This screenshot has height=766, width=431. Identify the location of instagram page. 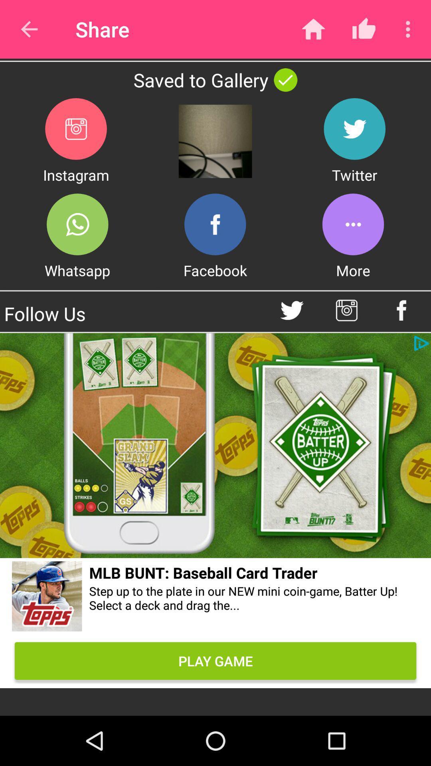
(346, 310).